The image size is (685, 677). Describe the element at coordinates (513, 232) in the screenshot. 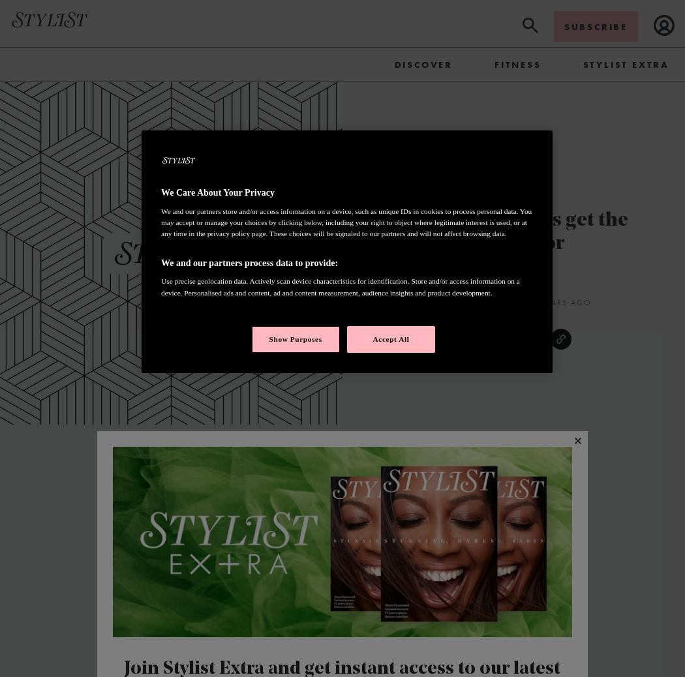

I see `'London Olympics get the Max Factor'` at that location.